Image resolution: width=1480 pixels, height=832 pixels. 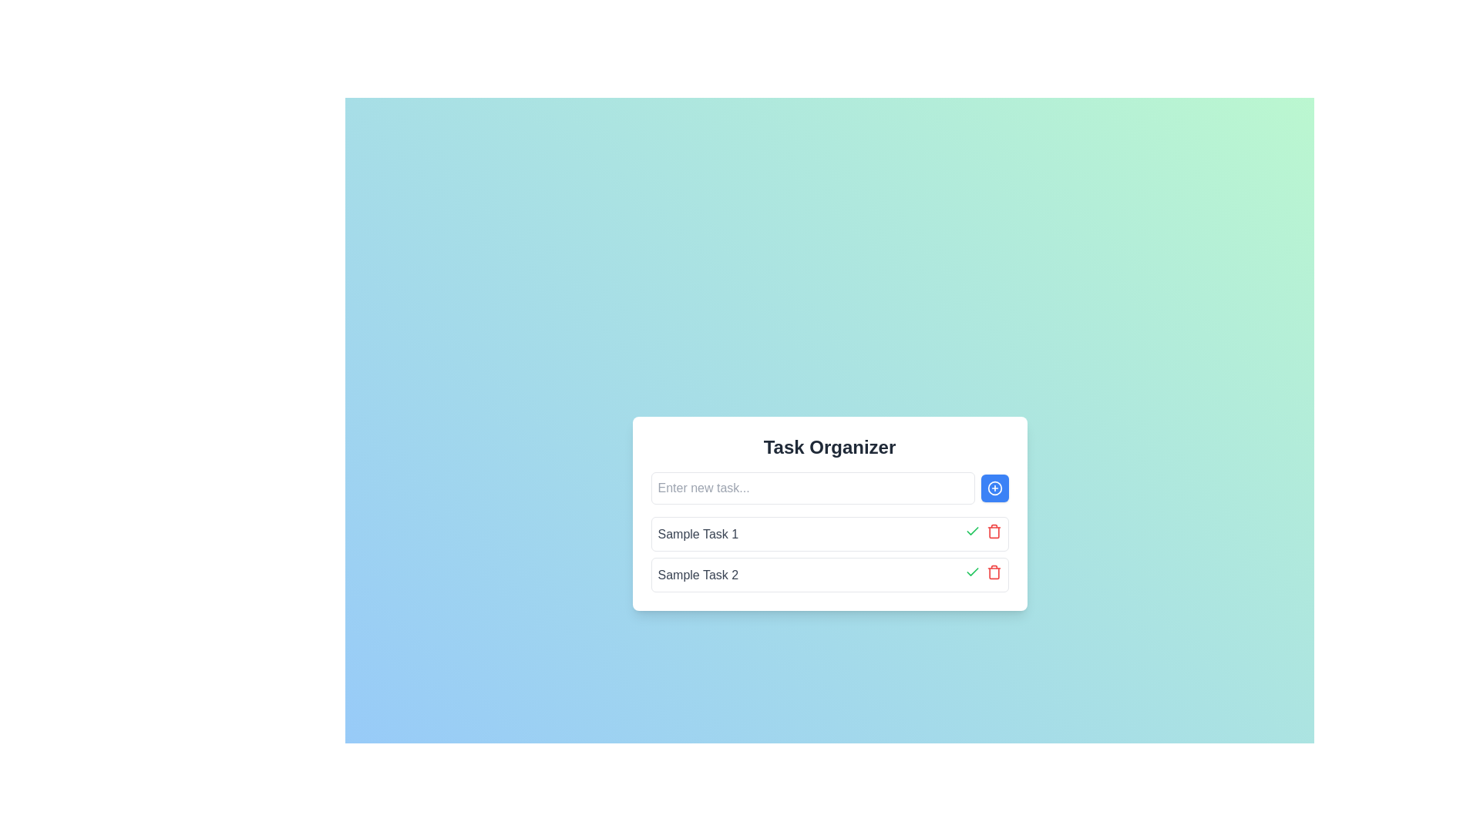 I want to click on the small green check icon located to the right of the second task item, so click(x=971, y=572).